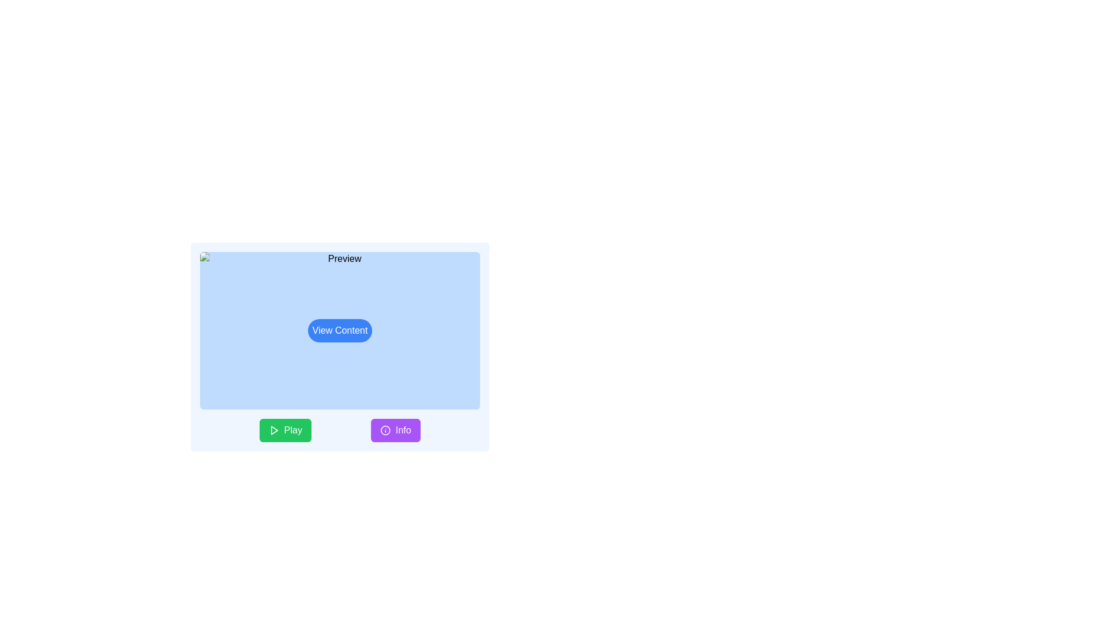  I want to click on the 'View Content' button, which is a blue circular button with white text, so click(339, 331).